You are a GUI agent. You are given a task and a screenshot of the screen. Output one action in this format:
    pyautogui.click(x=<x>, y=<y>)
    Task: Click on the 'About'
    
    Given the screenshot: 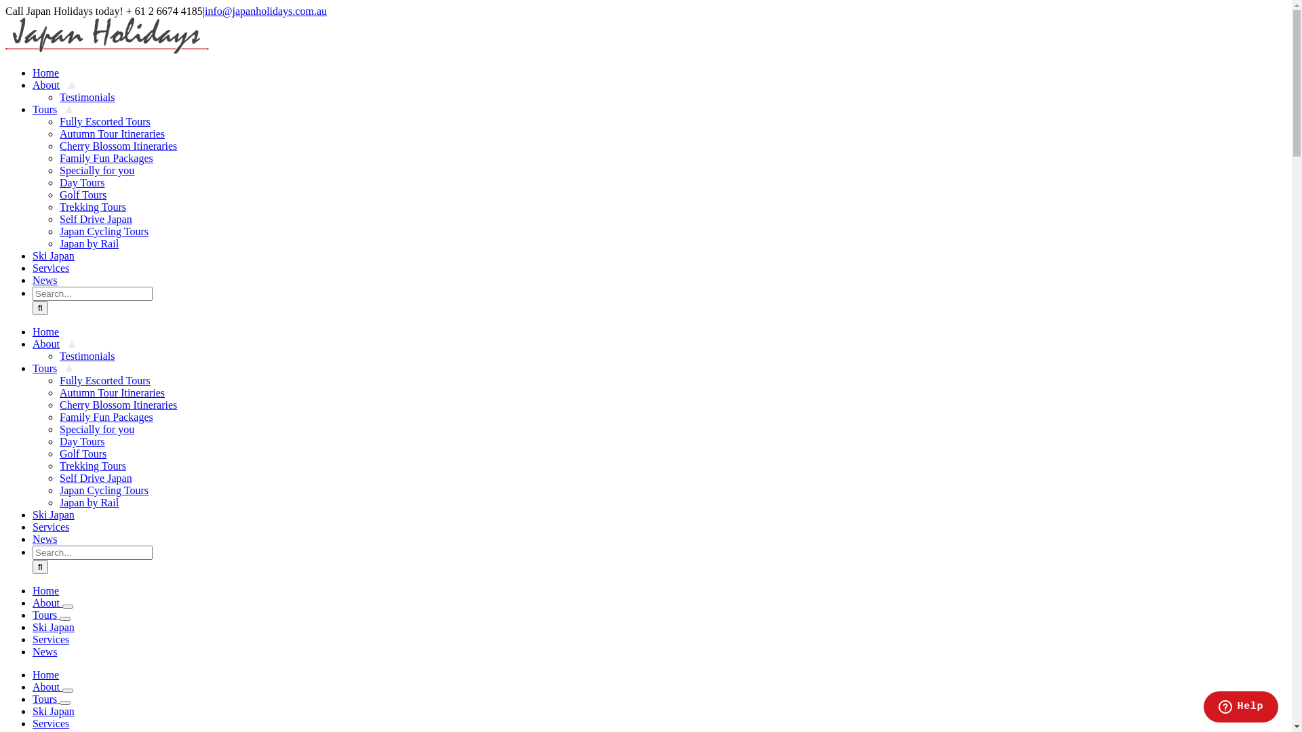 What is the action you would take?
    pyautogui.click(x=54, y=343)
    